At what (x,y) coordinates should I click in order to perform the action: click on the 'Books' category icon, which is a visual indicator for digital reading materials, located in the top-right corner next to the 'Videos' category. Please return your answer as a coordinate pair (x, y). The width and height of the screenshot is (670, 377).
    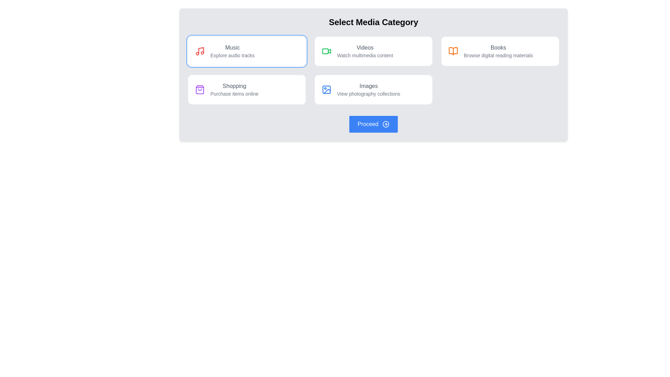
    Looking at the image, I should click on (453, 51).